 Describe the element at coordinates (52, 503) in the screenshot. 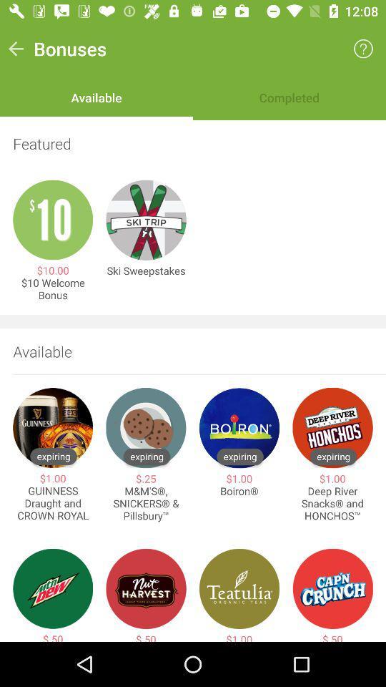

I see `the icon below the $1.00 icon` at that location.